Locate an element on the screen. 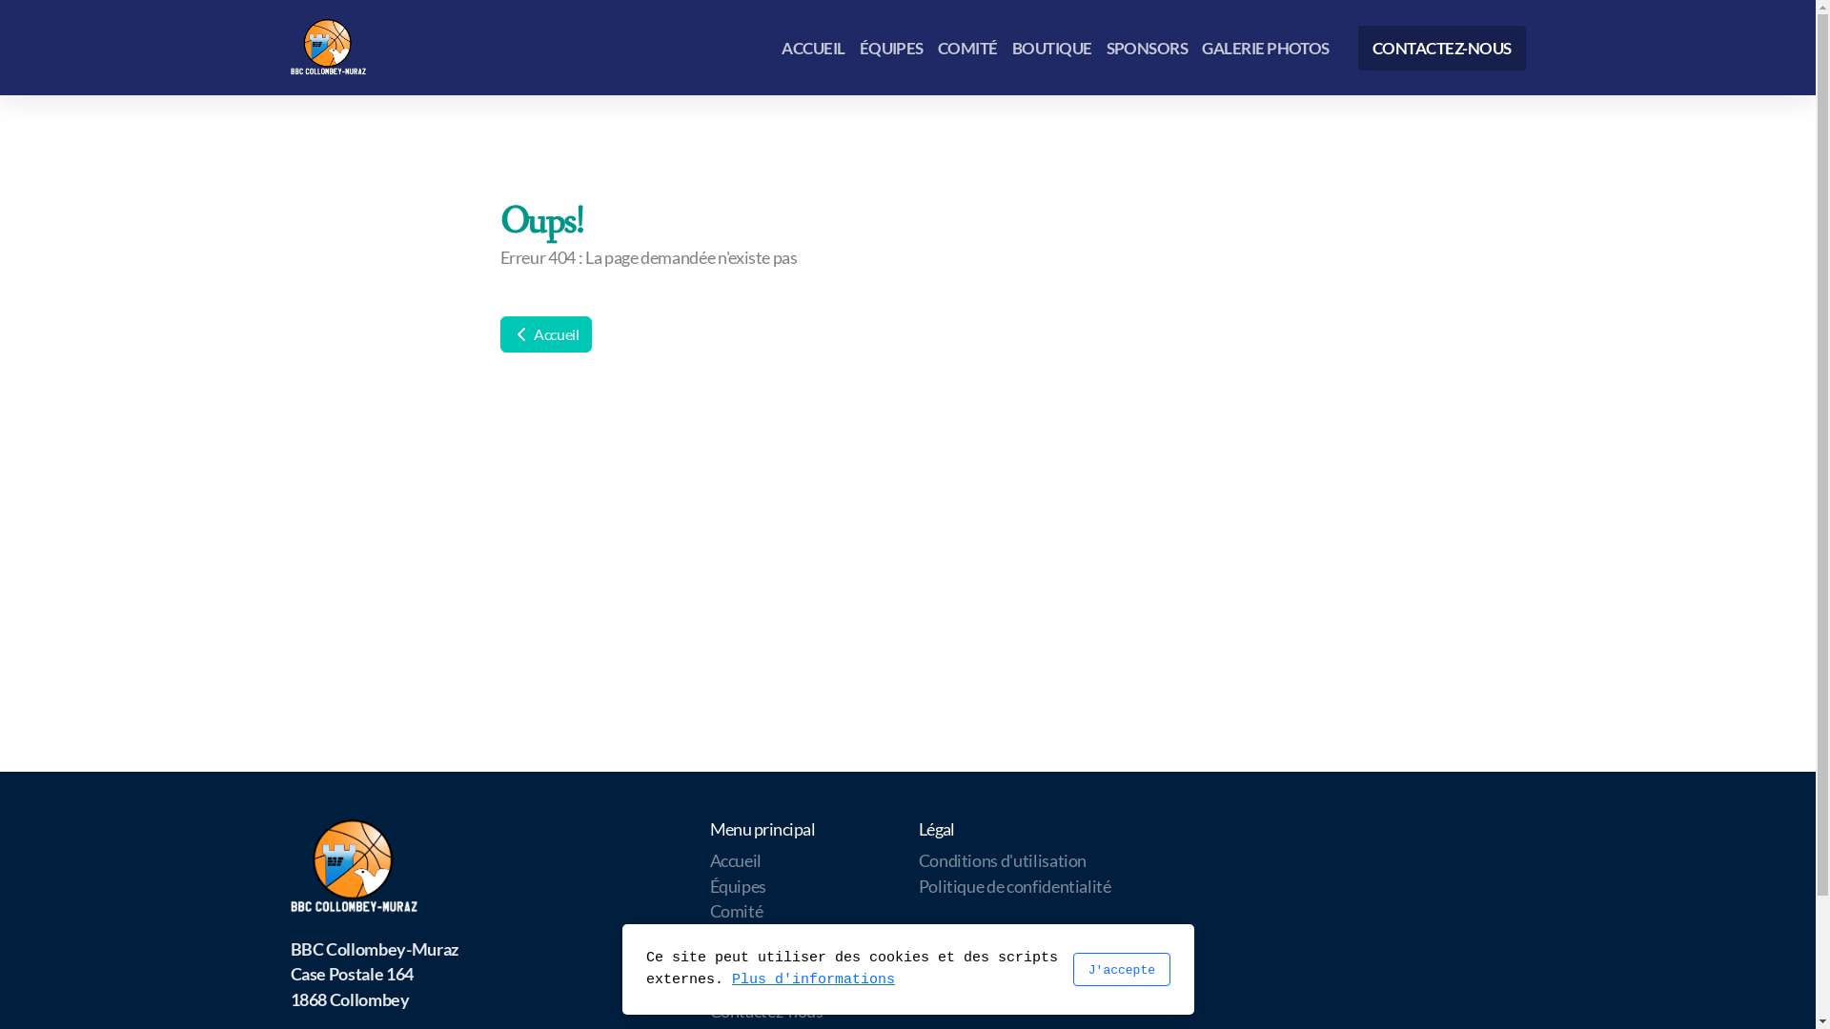  'Sponsors' is located at coordinates (708, 961).